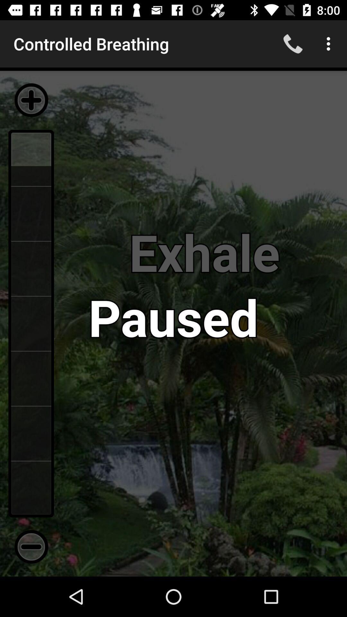  Describe the element at coordinates (31, 547) in the screenshot. I see `the minus icon` at that location.